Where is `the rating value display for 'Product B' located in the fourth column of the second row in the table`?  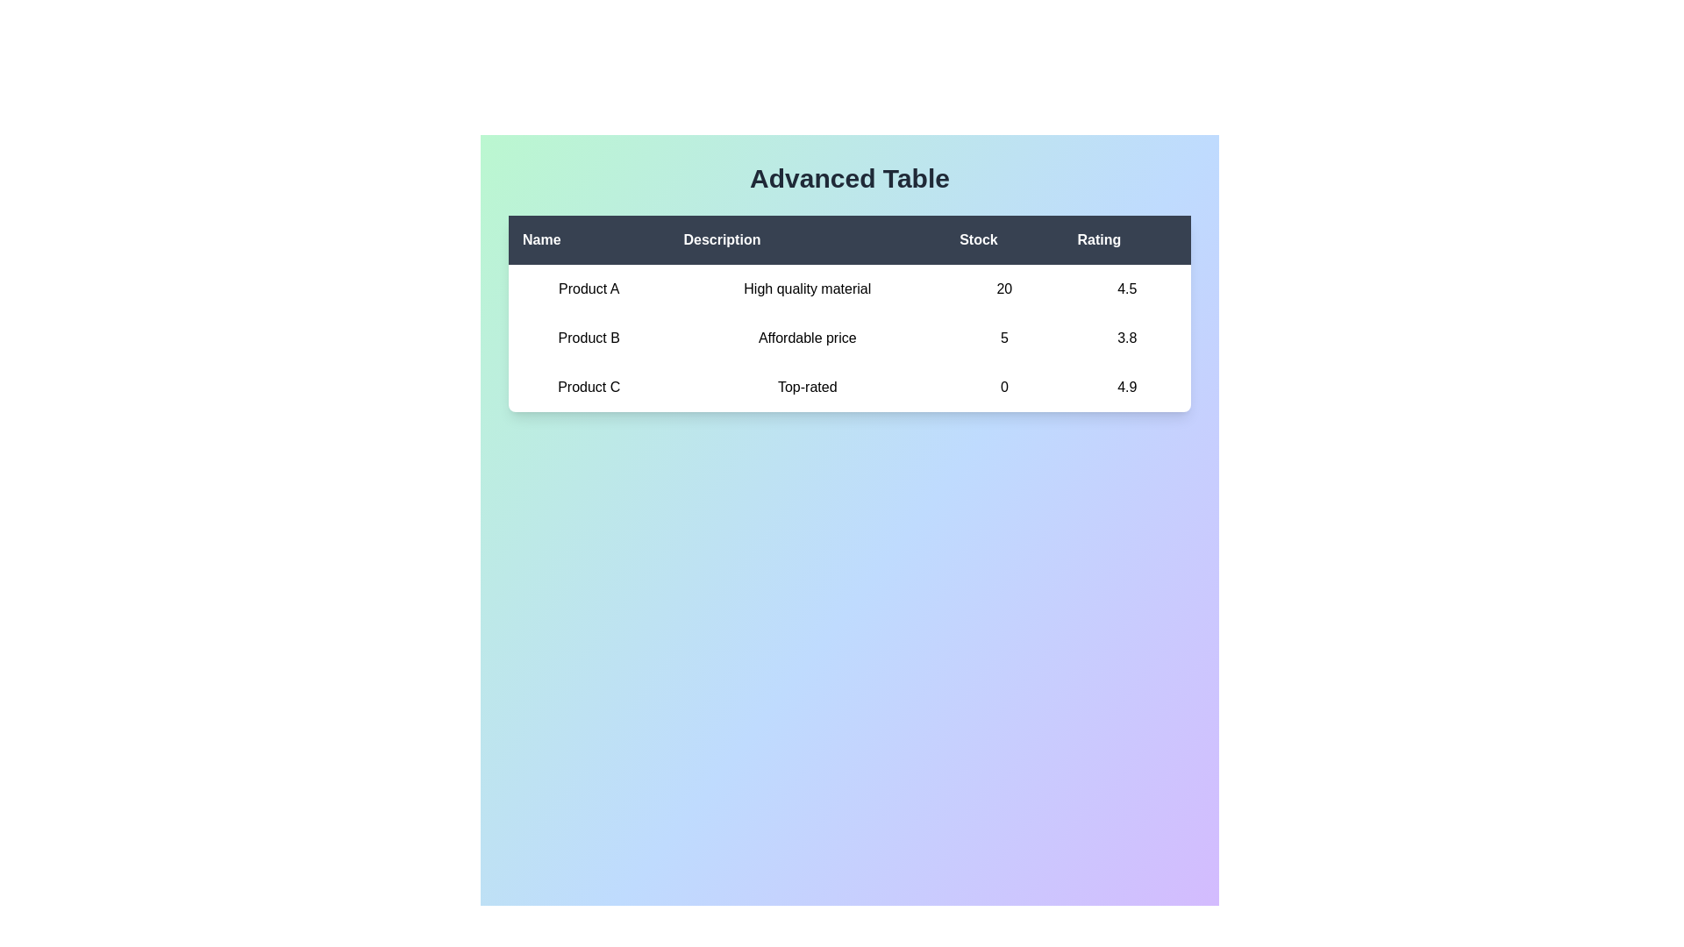
the rating value display for 'Product B' located in the fourth column of the second row in the table is located at coordinates (1127, 338).